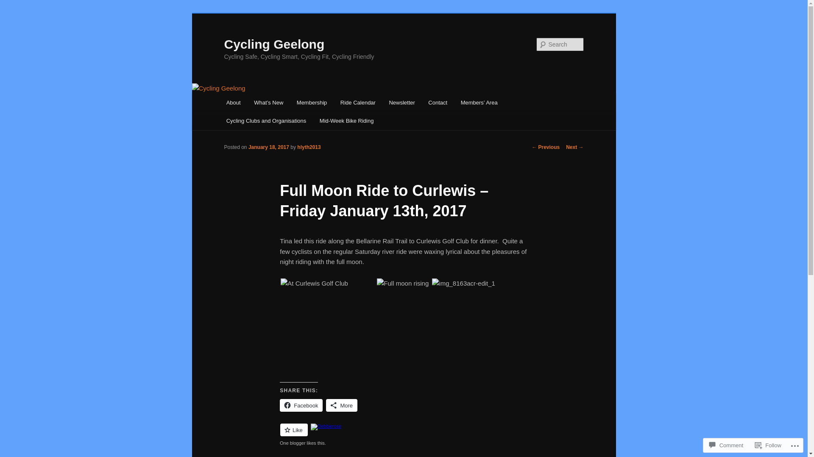 This screenshot has width=814, height=457. I want to click on 'hlyth2013', so click(308, 146).